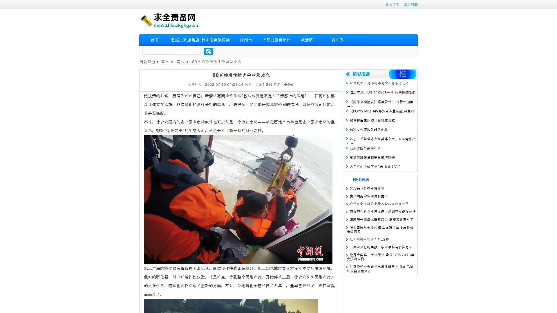 The height and width of the screenshot is (313, 557). I want to click on Search, so click(208, 51).